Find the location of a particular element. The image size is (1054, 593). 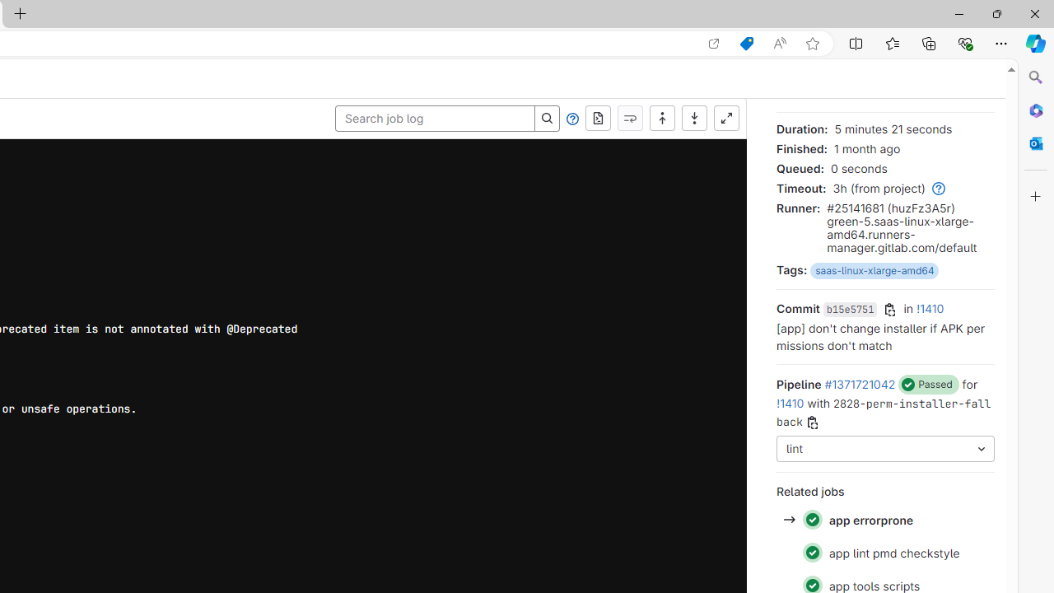

'Status: Passed app lint pmd checkstyle' is located at coordinates (883, 553).